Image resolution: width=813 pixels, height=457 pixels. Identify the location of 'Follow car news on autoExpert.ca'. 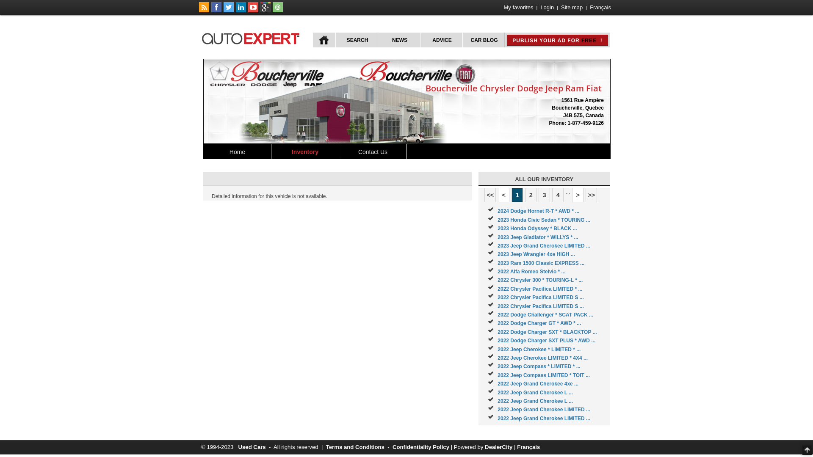
(204, 10).